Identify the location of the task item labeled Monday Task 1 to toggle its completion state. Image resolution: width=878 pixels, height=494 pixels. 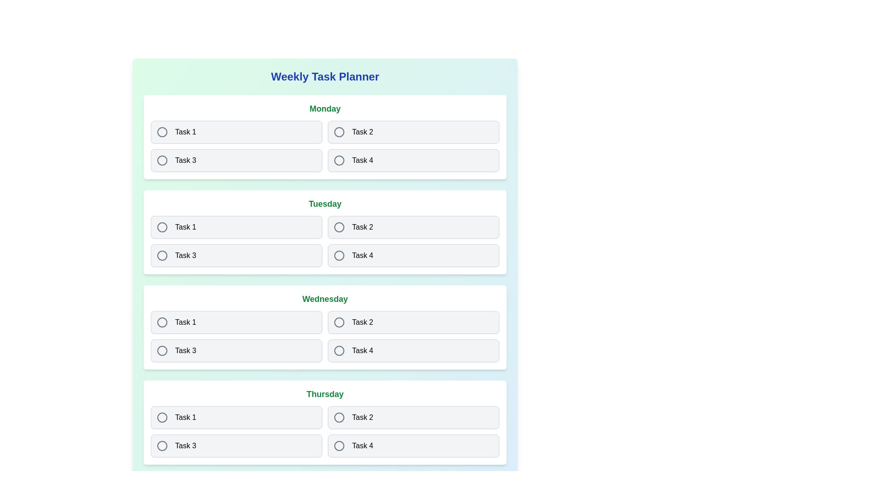
(236, 132).